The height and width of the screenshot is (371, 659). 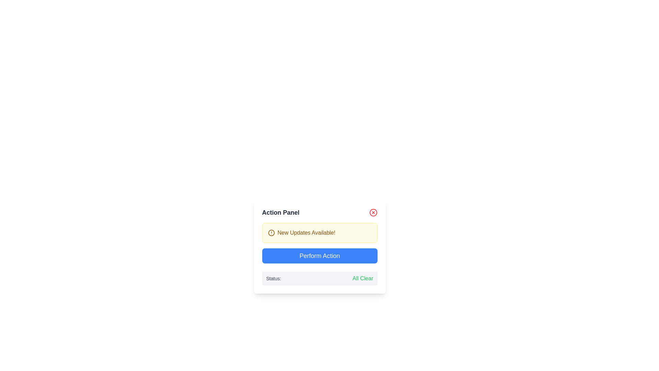 What do you see at coordinates (319, 256) in the screenshot?
I see `the bright blue button labeled 'Perform Action' located in the middle of the panel` at bounding box center [319, 256].